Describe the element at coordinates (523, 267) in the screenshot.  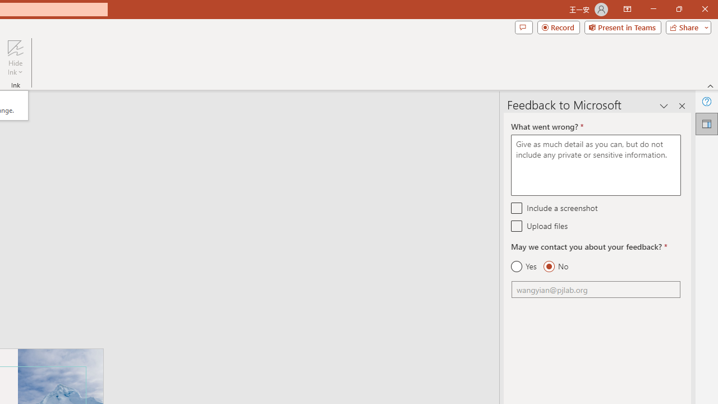
I see `'Yes'` at that location.